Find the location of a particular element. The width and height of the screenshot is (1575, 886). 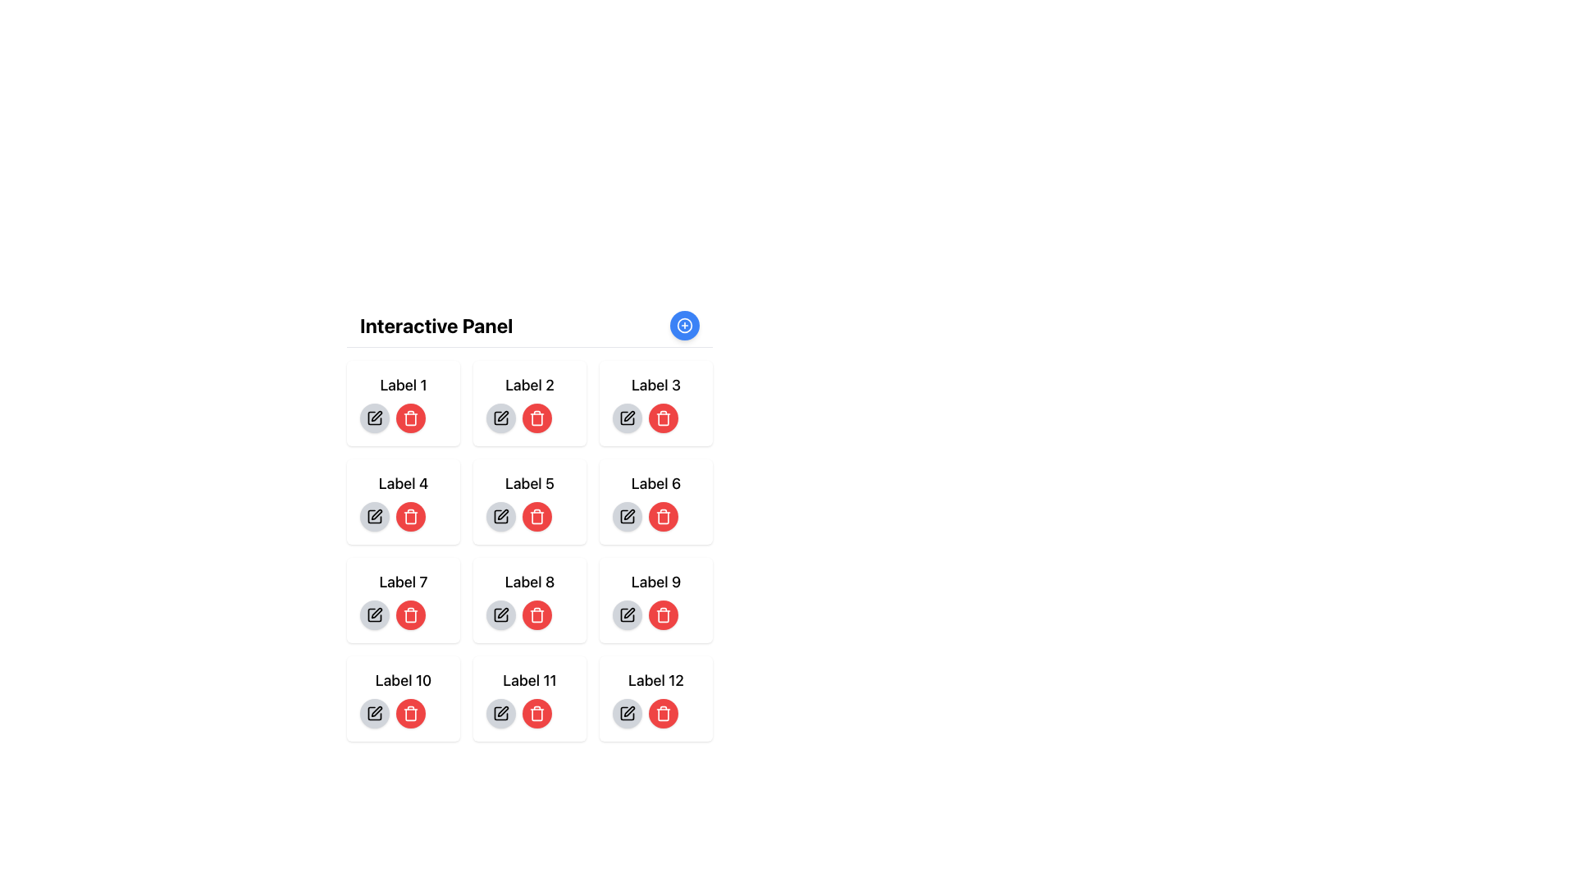

the button group consisting of an edit button (gray with a pen icon) and a delete button (red with a trash icon) located in the interactive section labeled 'Label 3' in the top right corner of the matrix layout is located at coordinates (656, 417).